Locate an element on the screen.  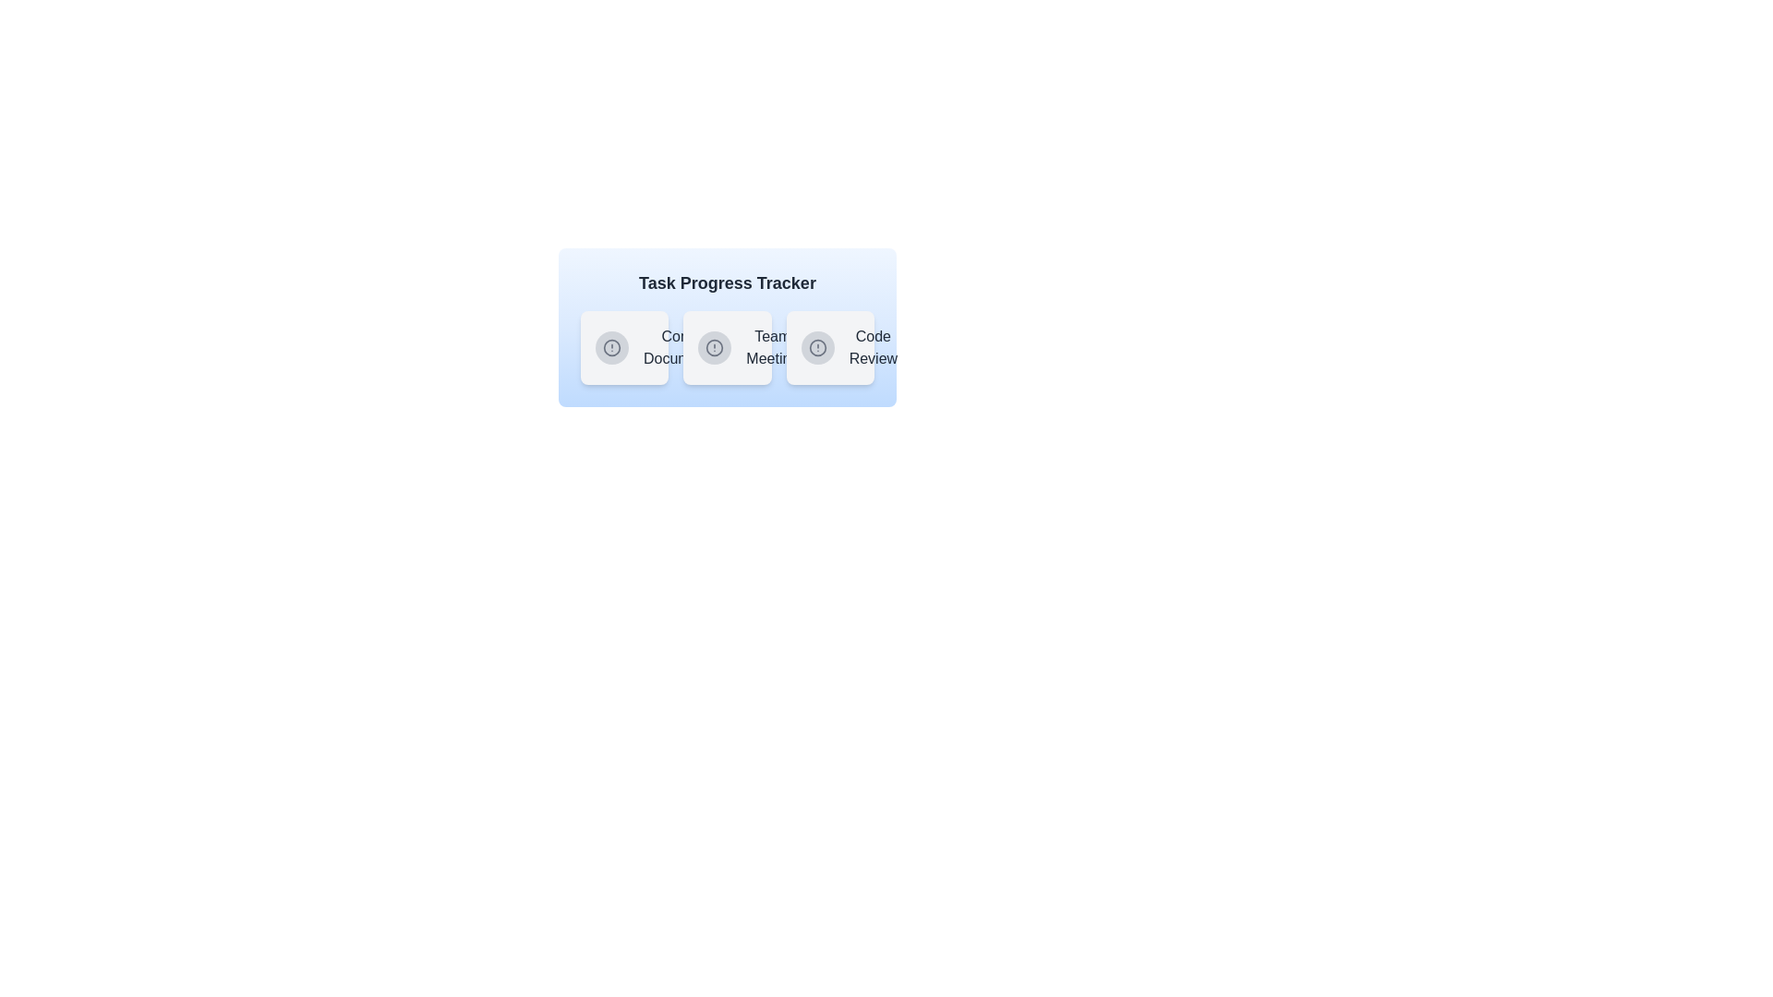
the task chip labeled Complete Documentation to toggle its completion state is located at coordinates (624, 348).